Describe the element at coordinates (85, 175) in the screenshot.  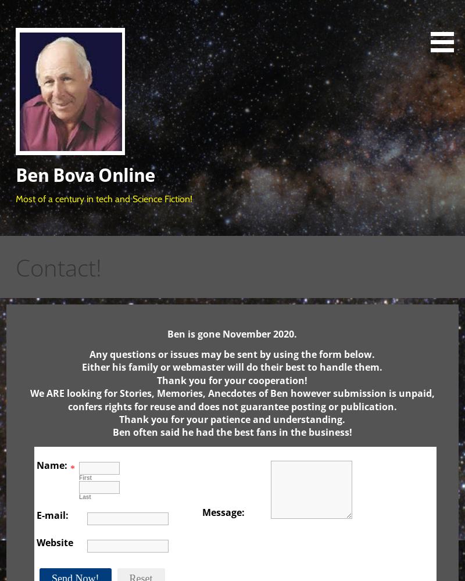
I see `'Ben Bova Online'` at that location.